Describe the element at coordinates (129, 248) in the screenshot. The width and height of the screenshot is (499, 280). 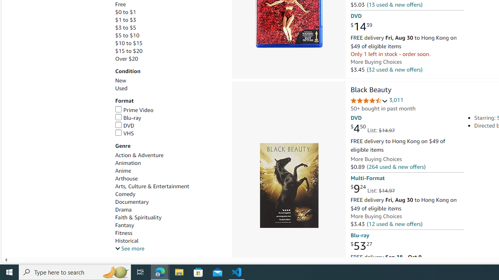
I see `'See more, Genre'` at that location.